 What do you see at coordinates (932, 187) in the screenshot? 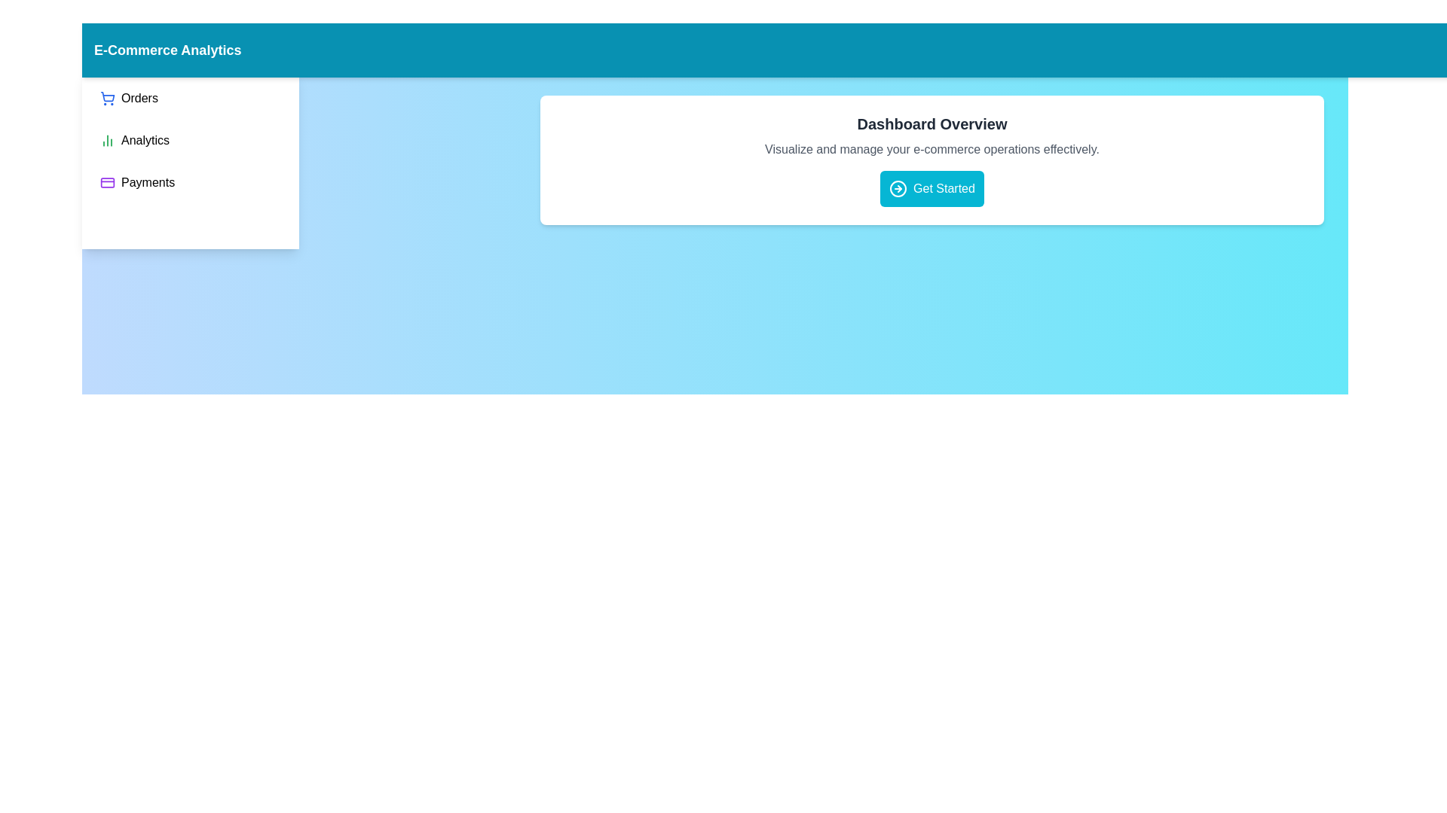
I see `the button located directly below the 'Dashboard Overview' section` at bounding box center [932, 187].